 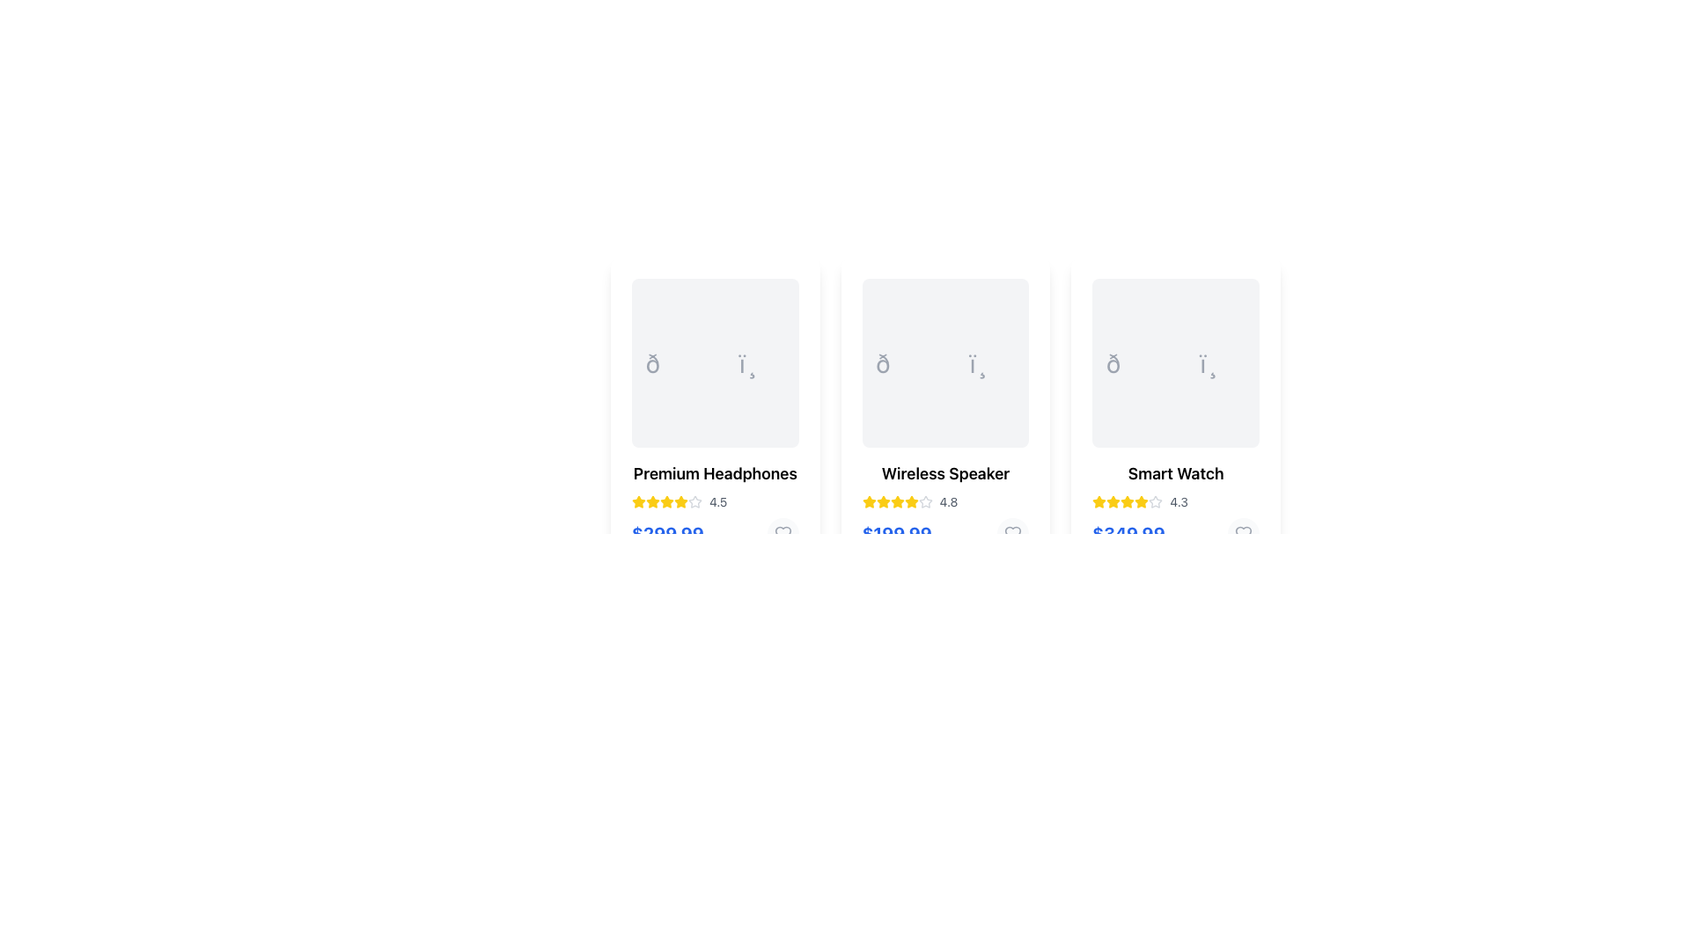 I want to click on the second star icon in the rating section of the 'Wireless Speaker' product display, so click(x=911, y=501).